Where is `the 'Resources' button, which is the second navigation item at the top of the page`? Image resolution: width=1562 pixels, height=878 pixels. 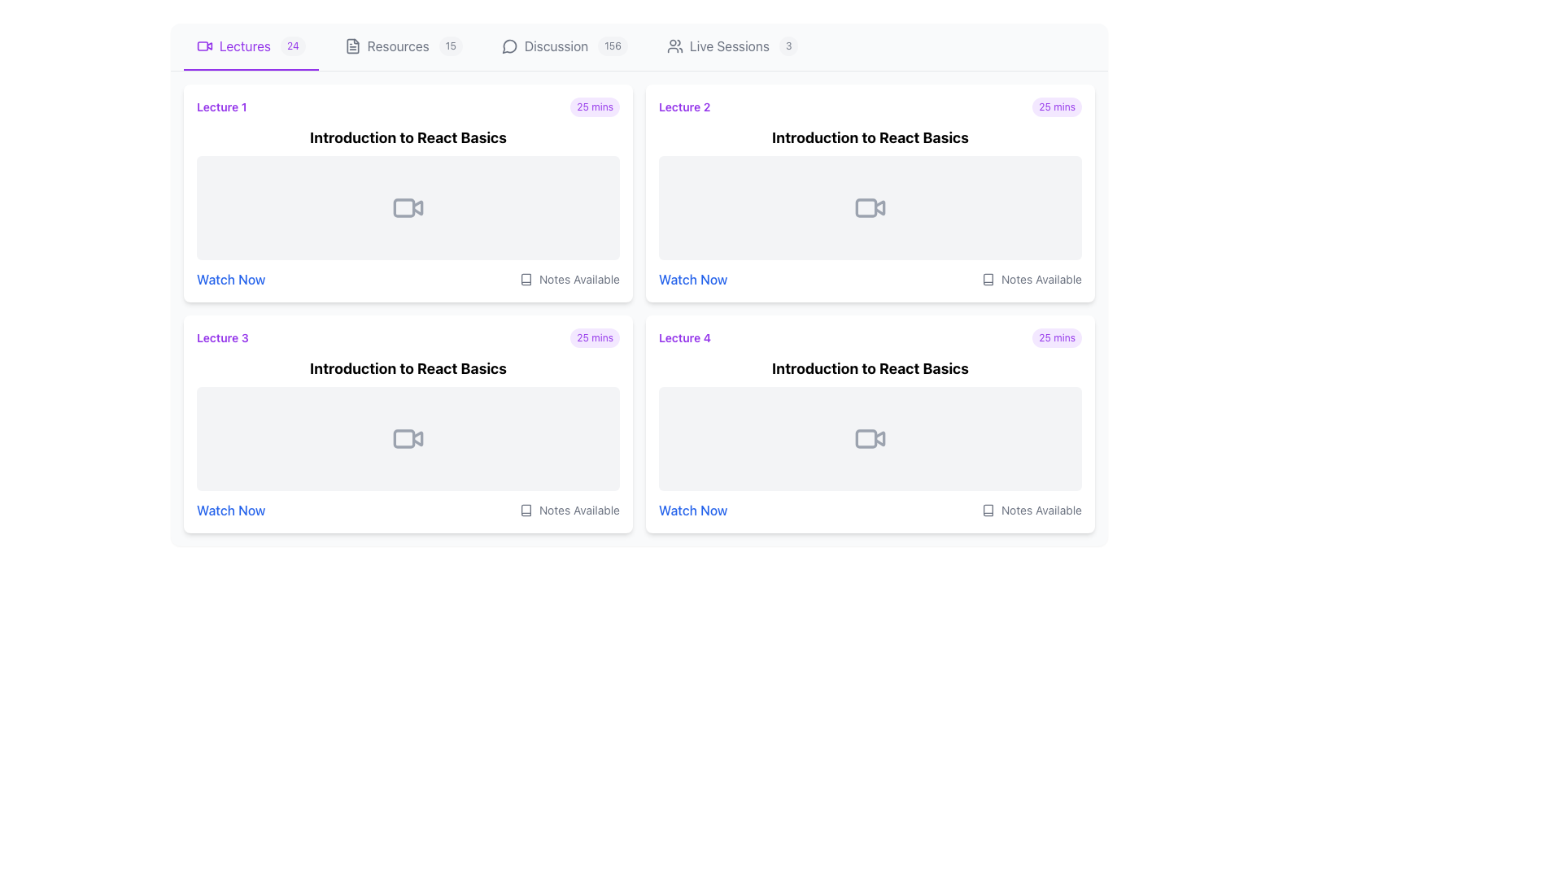
the 'Resources' button, which is the second navigation item at the top of the page is located at coordinates (404, 46).